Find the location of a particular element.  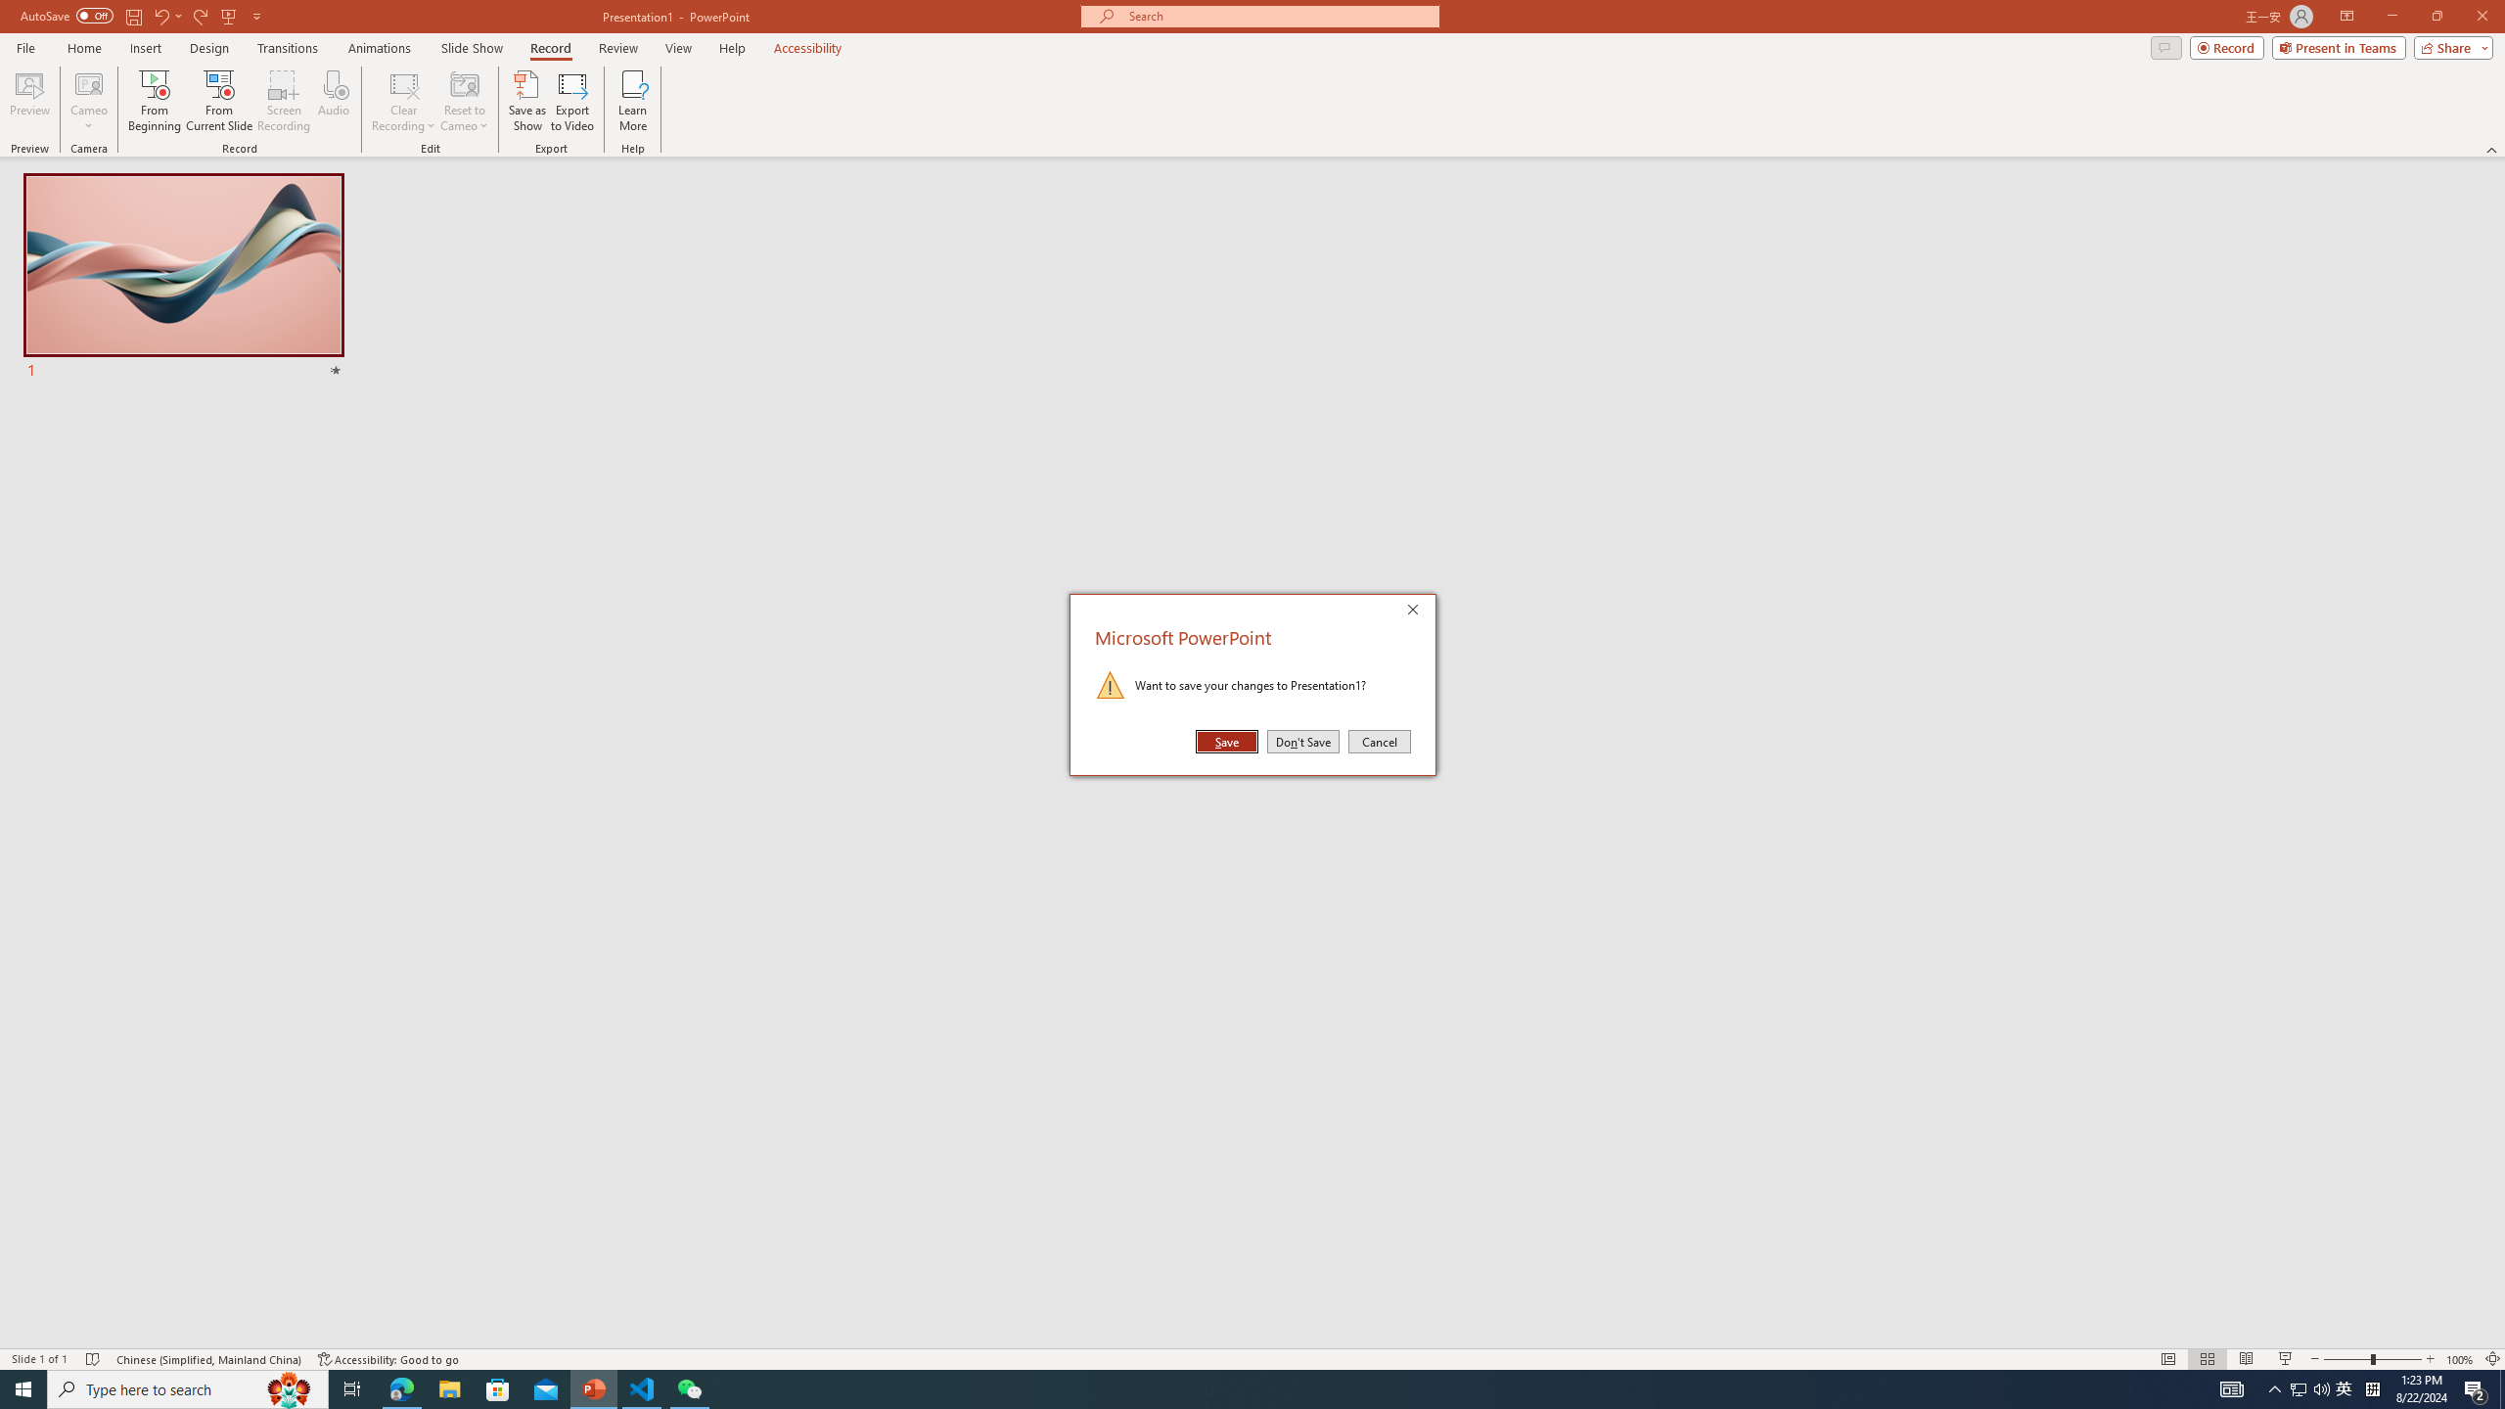

'From Beginning...' is located at coordinates (153, 101).